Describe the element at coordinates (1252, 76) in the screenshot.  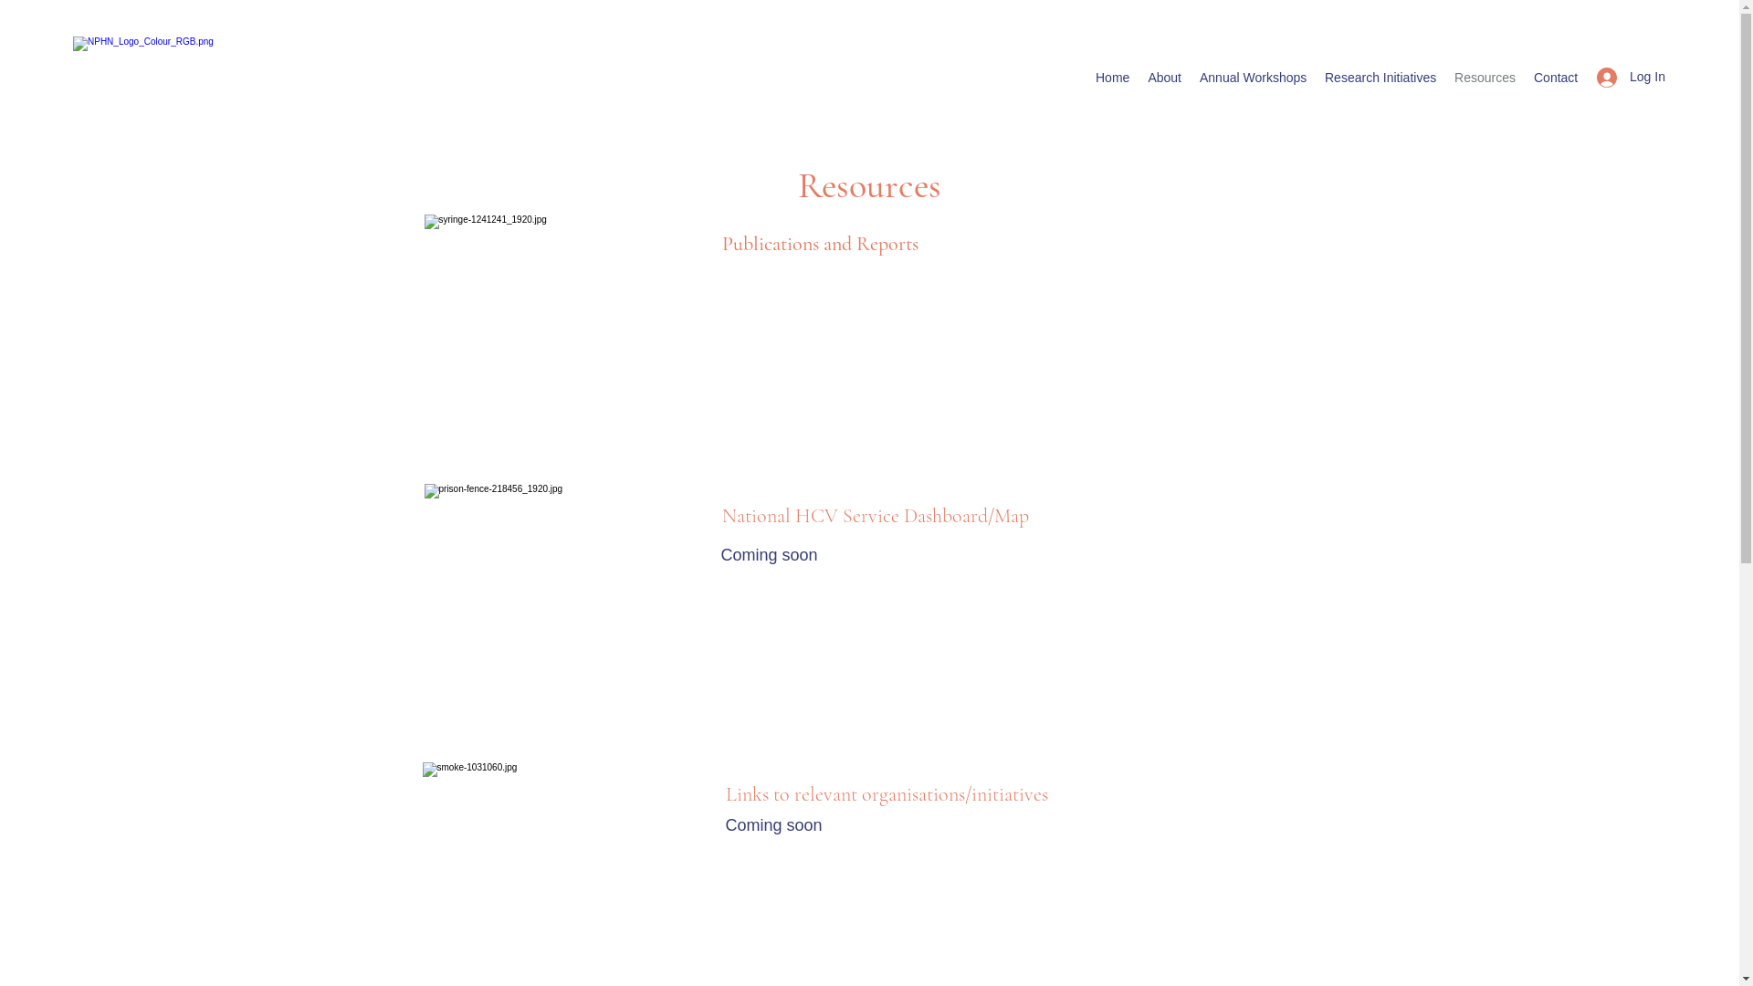
I see `'Annual Workshops'` at that location.